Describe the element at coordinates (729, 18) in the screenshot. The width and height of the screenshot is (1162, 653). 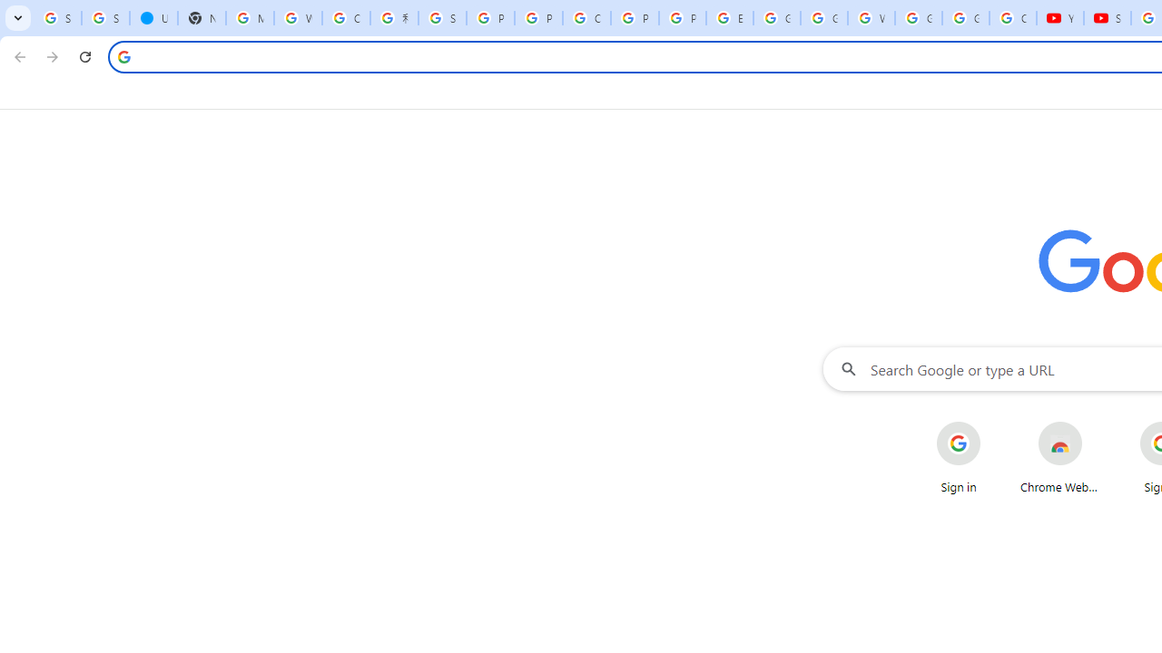
I see `'Edit and view right-to-left text - Google Docs Editors Help'` at that location.